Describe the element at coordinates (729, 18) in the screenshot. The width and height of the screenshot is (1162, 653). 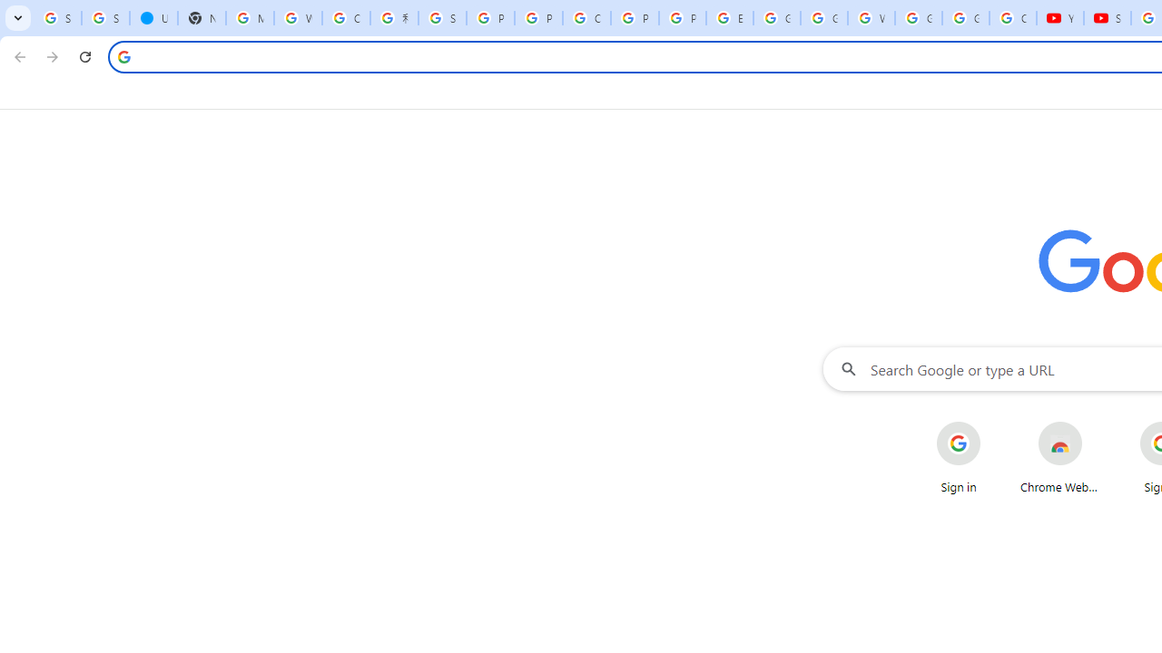
I see `'Edit and view right-to-left text - Google Docs Editors Help'` at that location.